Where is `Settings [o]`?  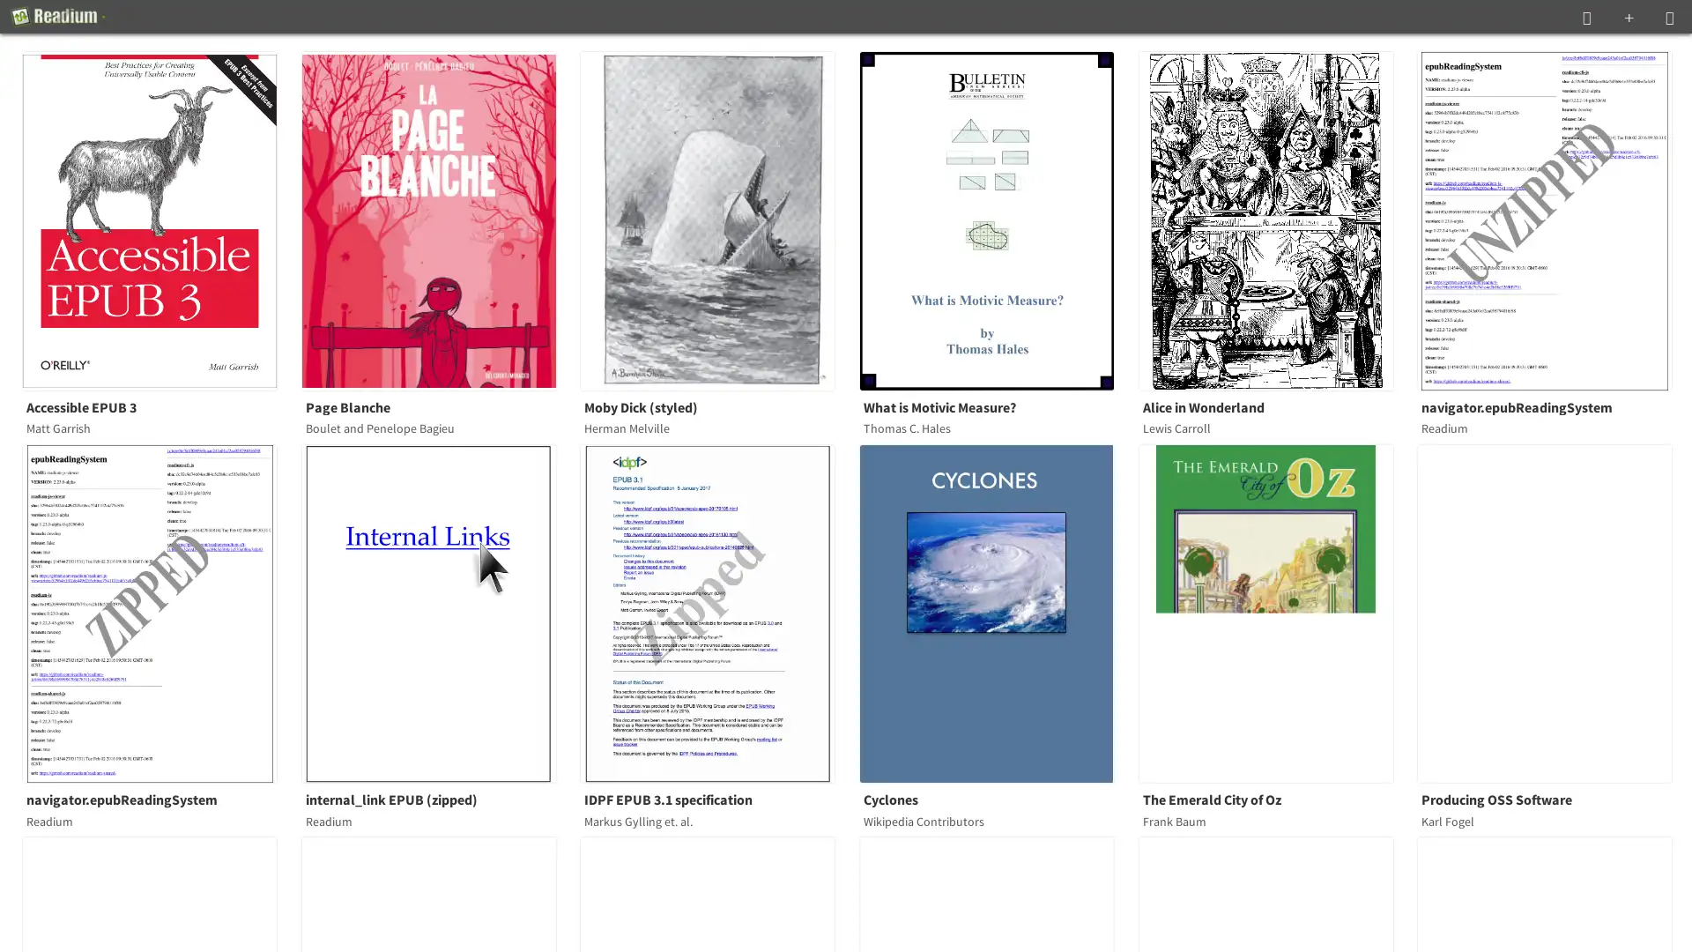
Settings [o] is located at coordinates (1669, 17).